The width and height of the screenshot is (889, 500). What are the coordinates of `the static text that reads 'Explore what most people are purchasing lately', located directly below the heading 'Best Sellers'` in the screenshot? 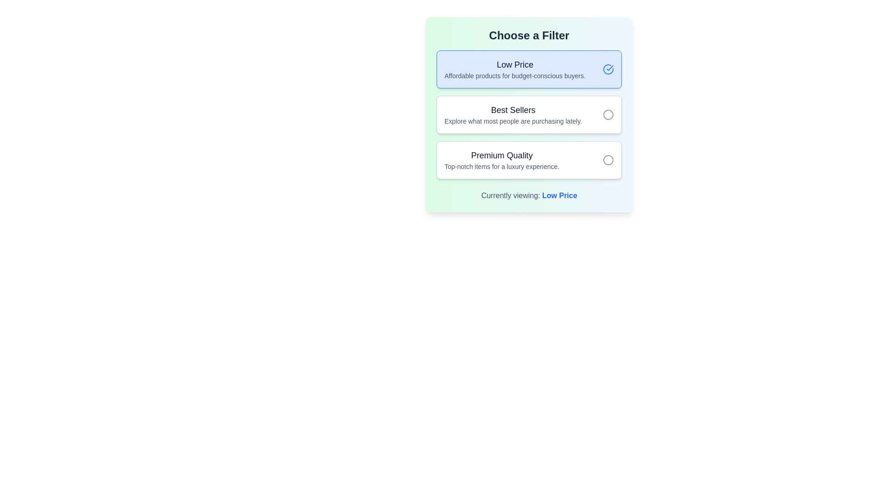 It's located at (513, 121).